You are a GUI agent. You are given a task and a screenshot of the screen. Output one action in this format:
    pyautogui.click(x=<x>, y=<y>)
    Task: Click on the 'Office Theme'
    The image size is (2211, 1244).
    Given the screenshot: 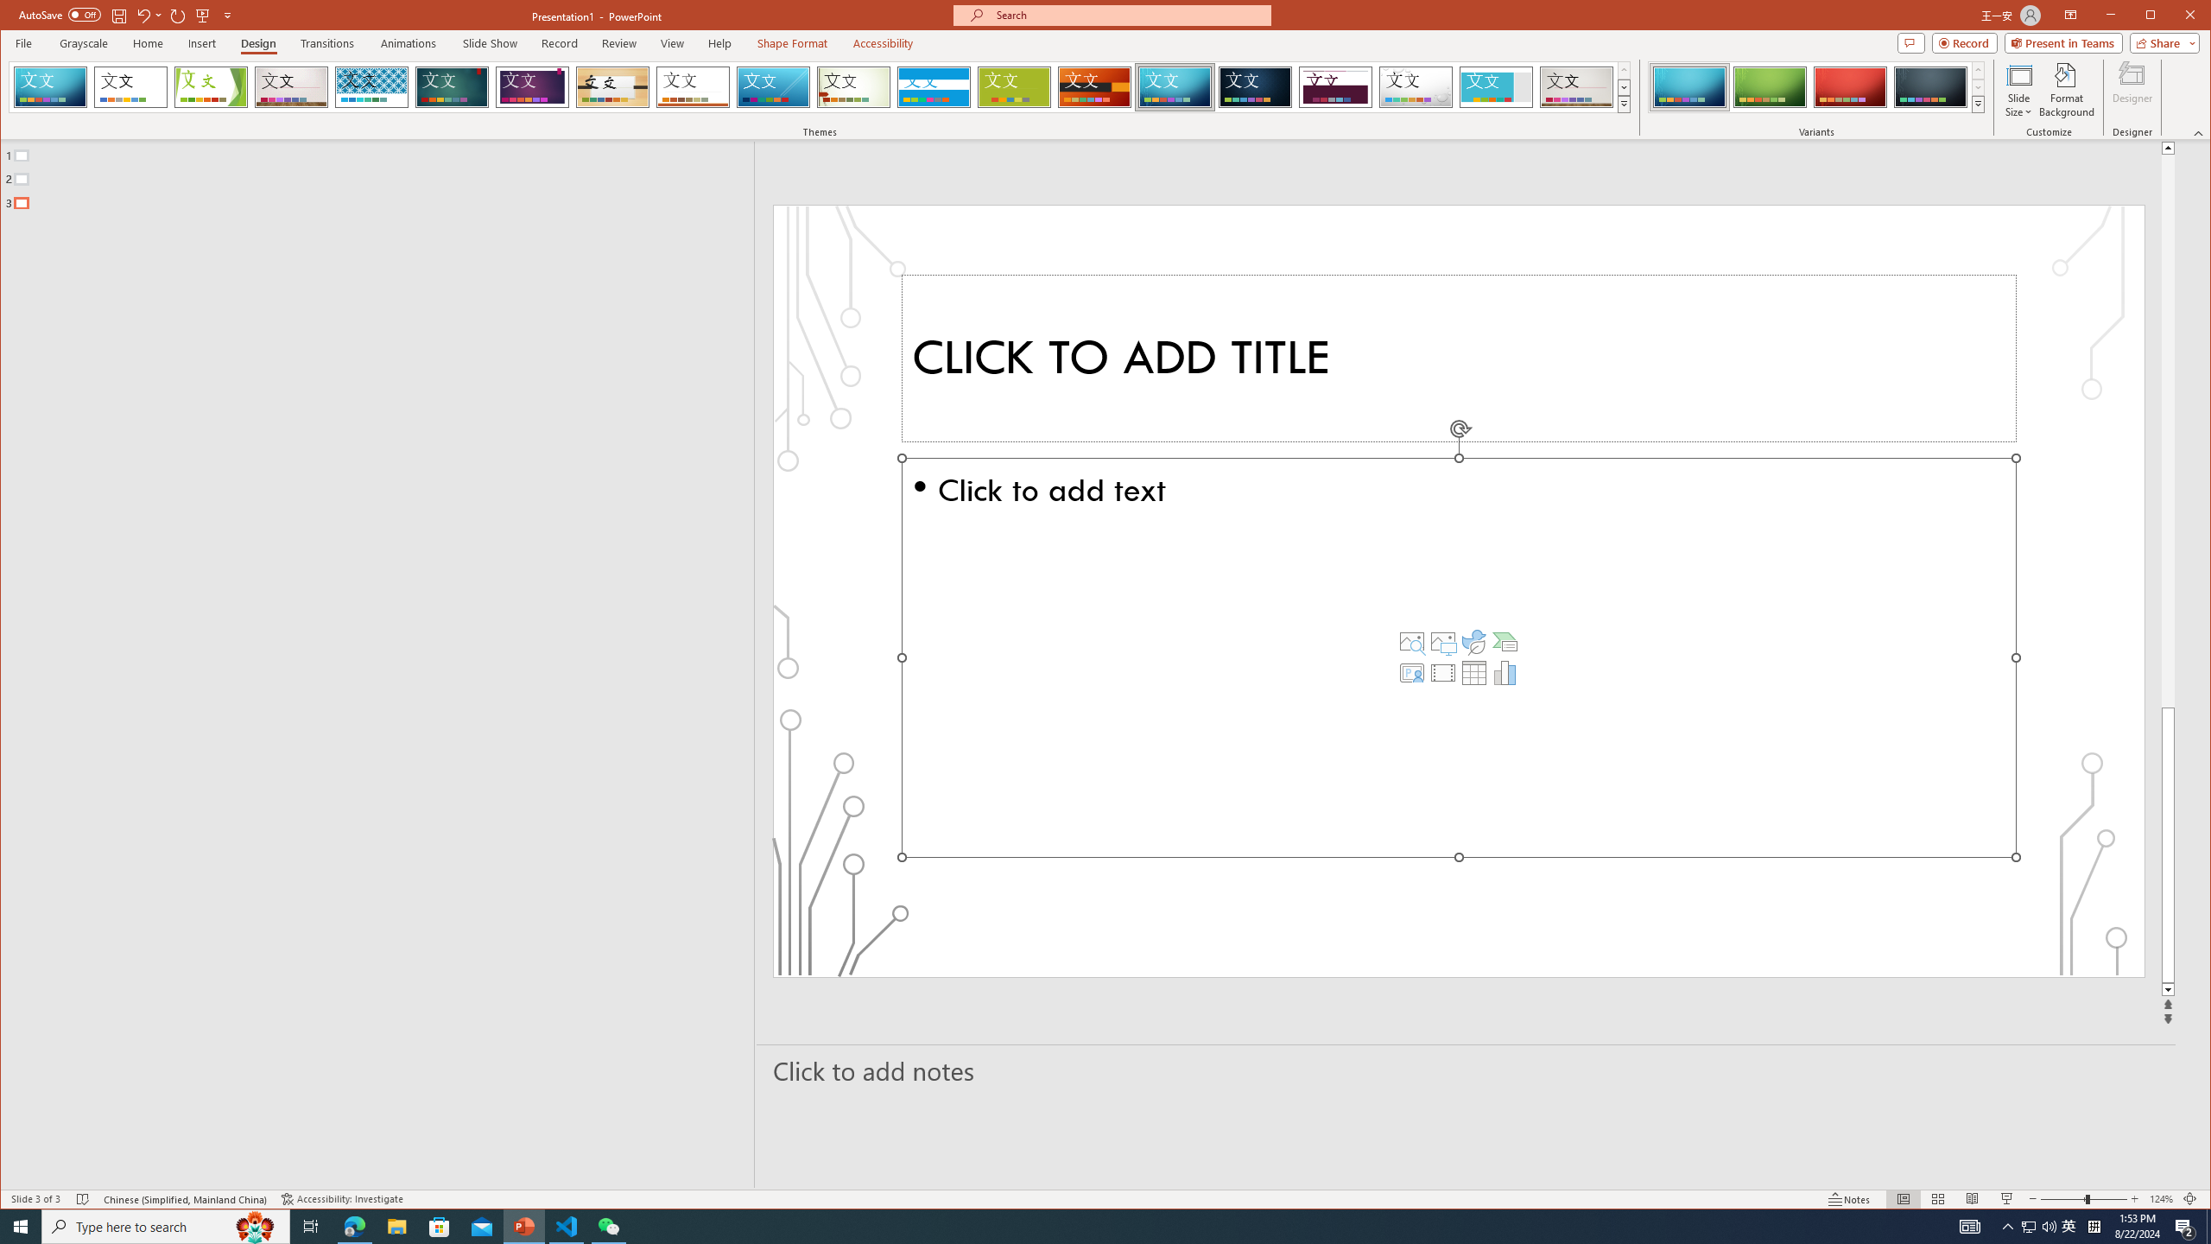 What is the action you would take?
    pyautogui.click(x=130, y=86)
    